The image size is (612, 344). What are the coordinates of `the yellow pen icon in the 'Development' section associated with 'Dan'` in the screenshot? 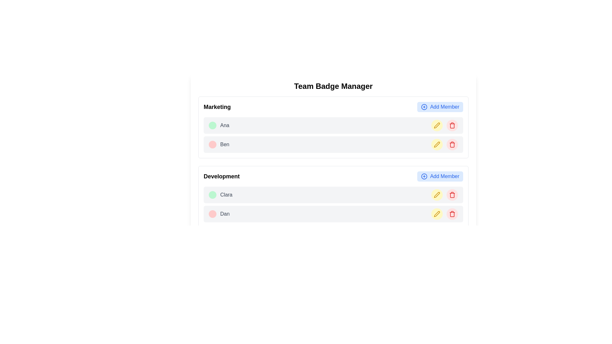 It's located at (437, 194).